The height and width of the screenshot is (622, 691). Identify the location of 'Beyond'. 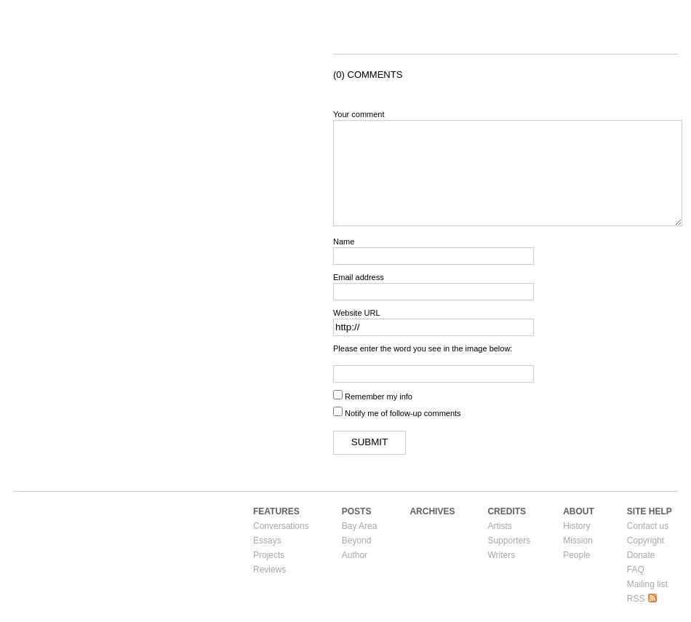
(356, 539).